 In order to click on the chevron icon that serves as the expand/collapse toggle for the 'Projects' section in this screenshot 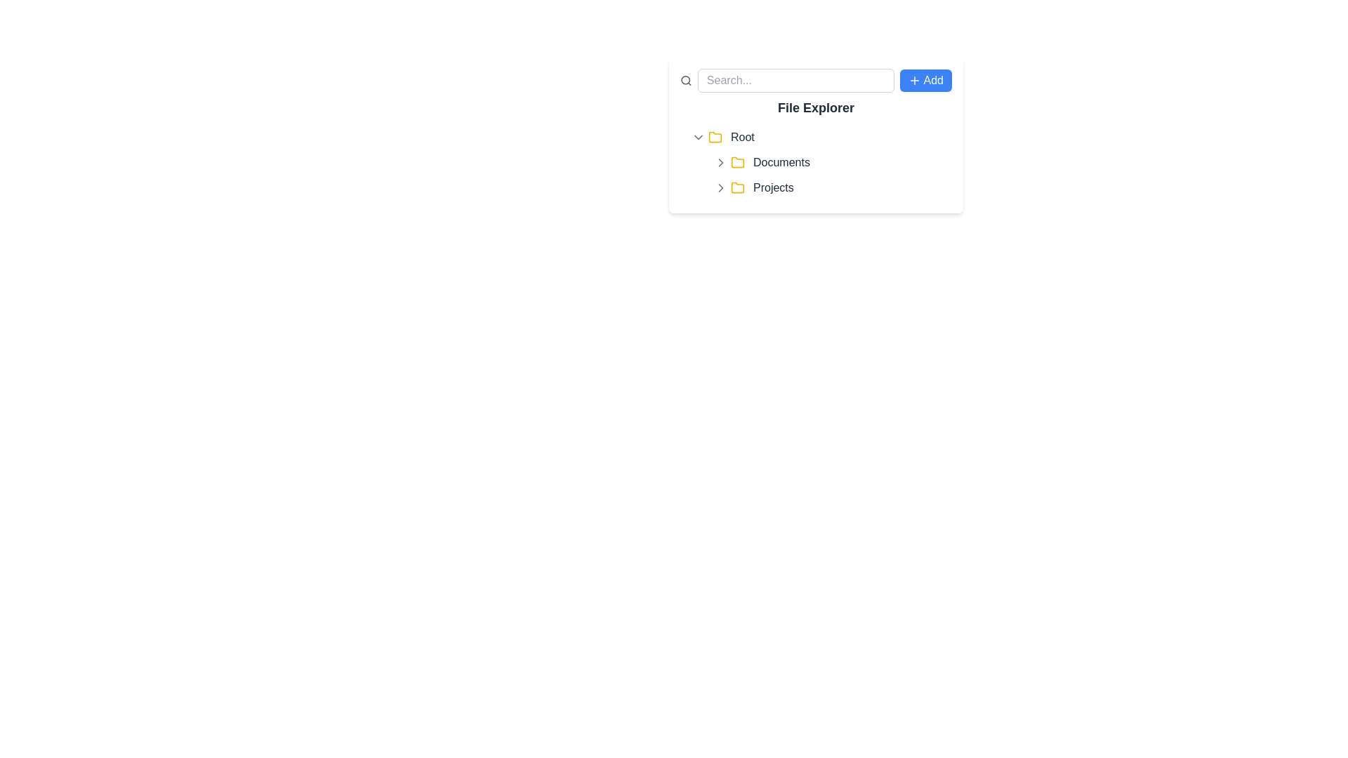, I will do `click(721, 187)`.